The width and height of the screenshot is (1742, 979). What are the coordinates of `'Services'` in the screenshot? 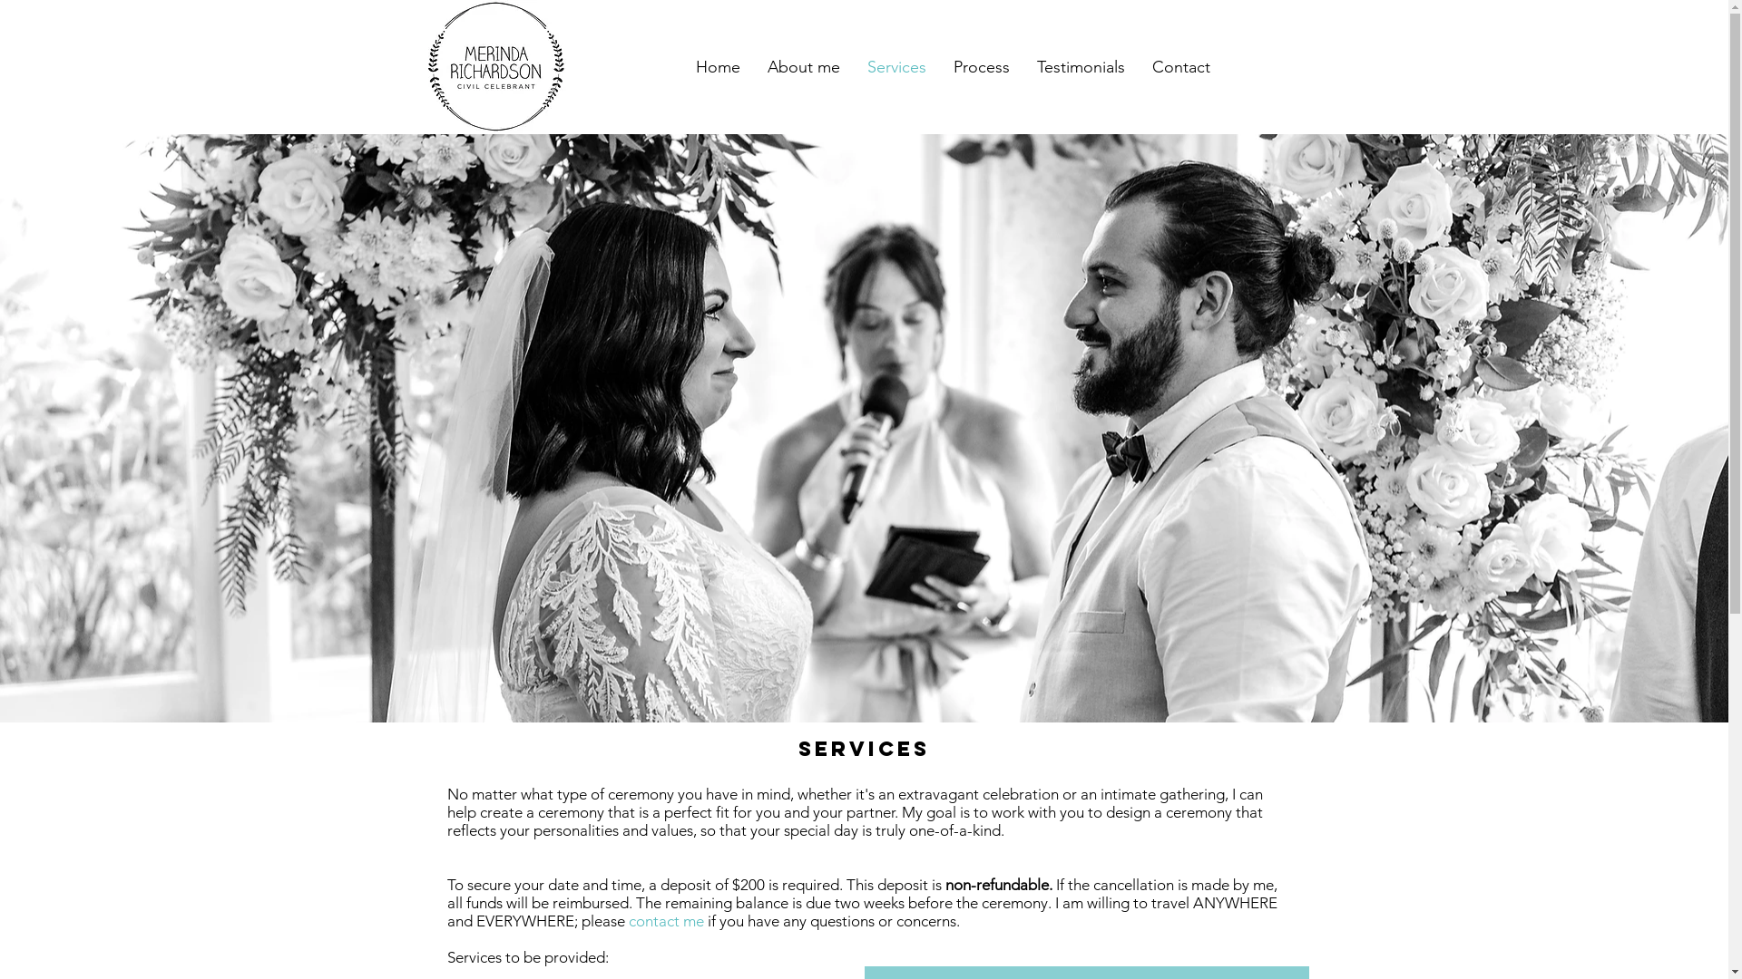 It's located at (895, 65).